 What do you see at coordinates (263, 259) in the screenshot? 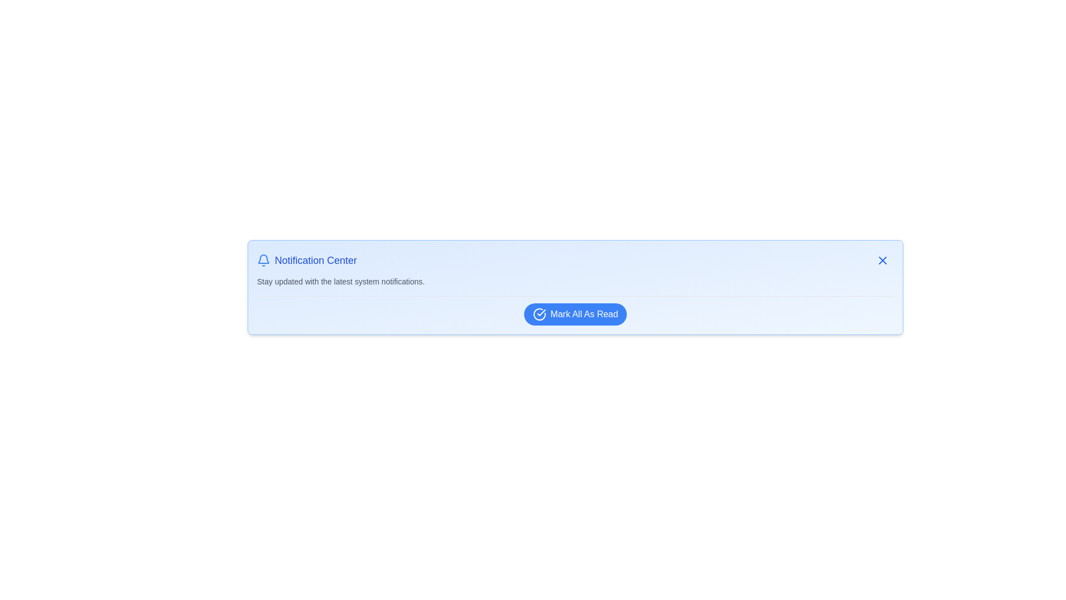
I see `the notification icon located at the top-left of the notification card next to the 'Notification Center' text` at bounding box center [263, 259].